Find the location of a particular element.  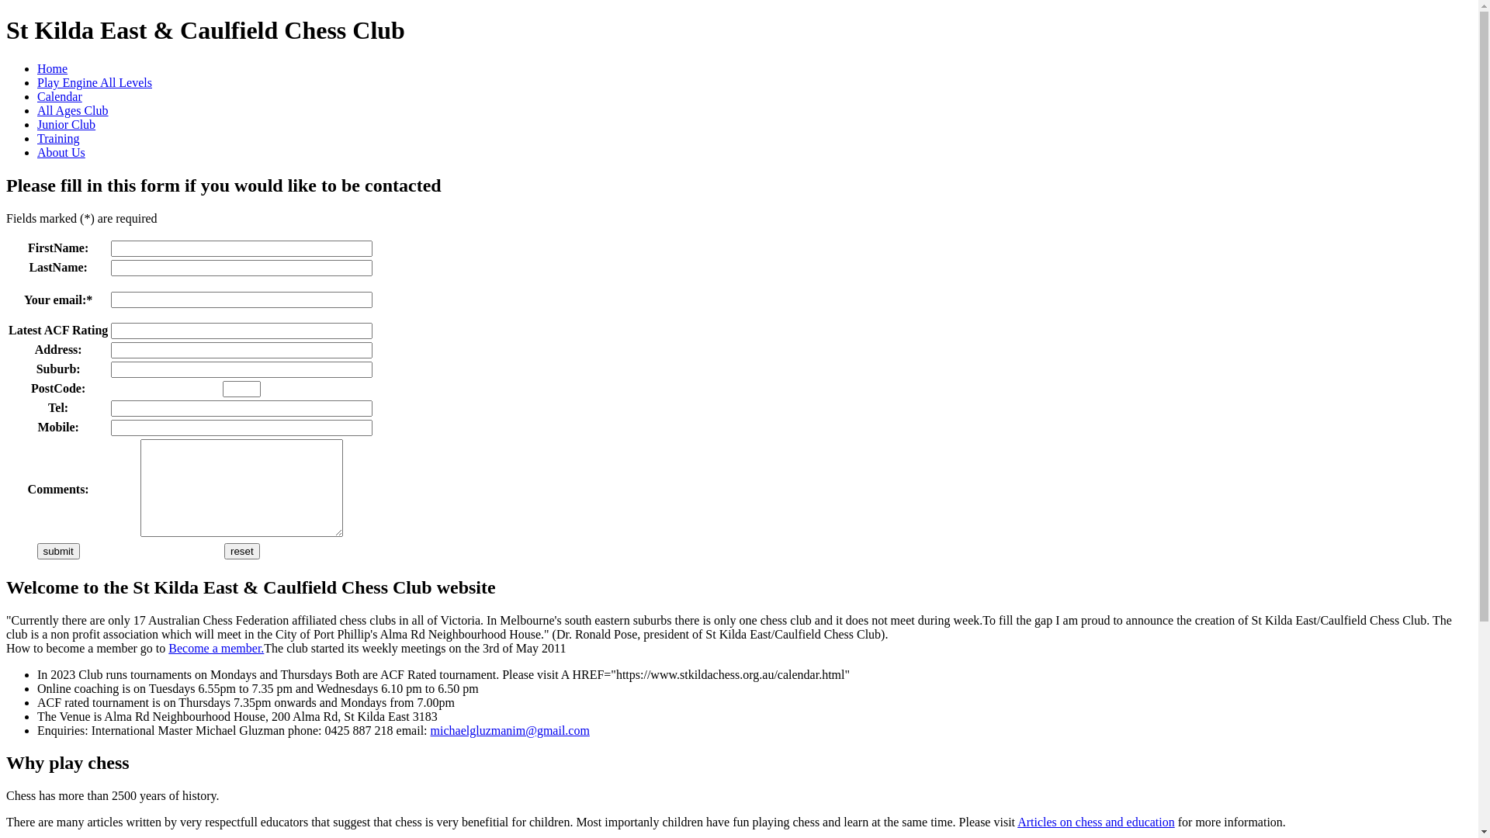

'All Ages Club' is located at coordinates (72, 109).